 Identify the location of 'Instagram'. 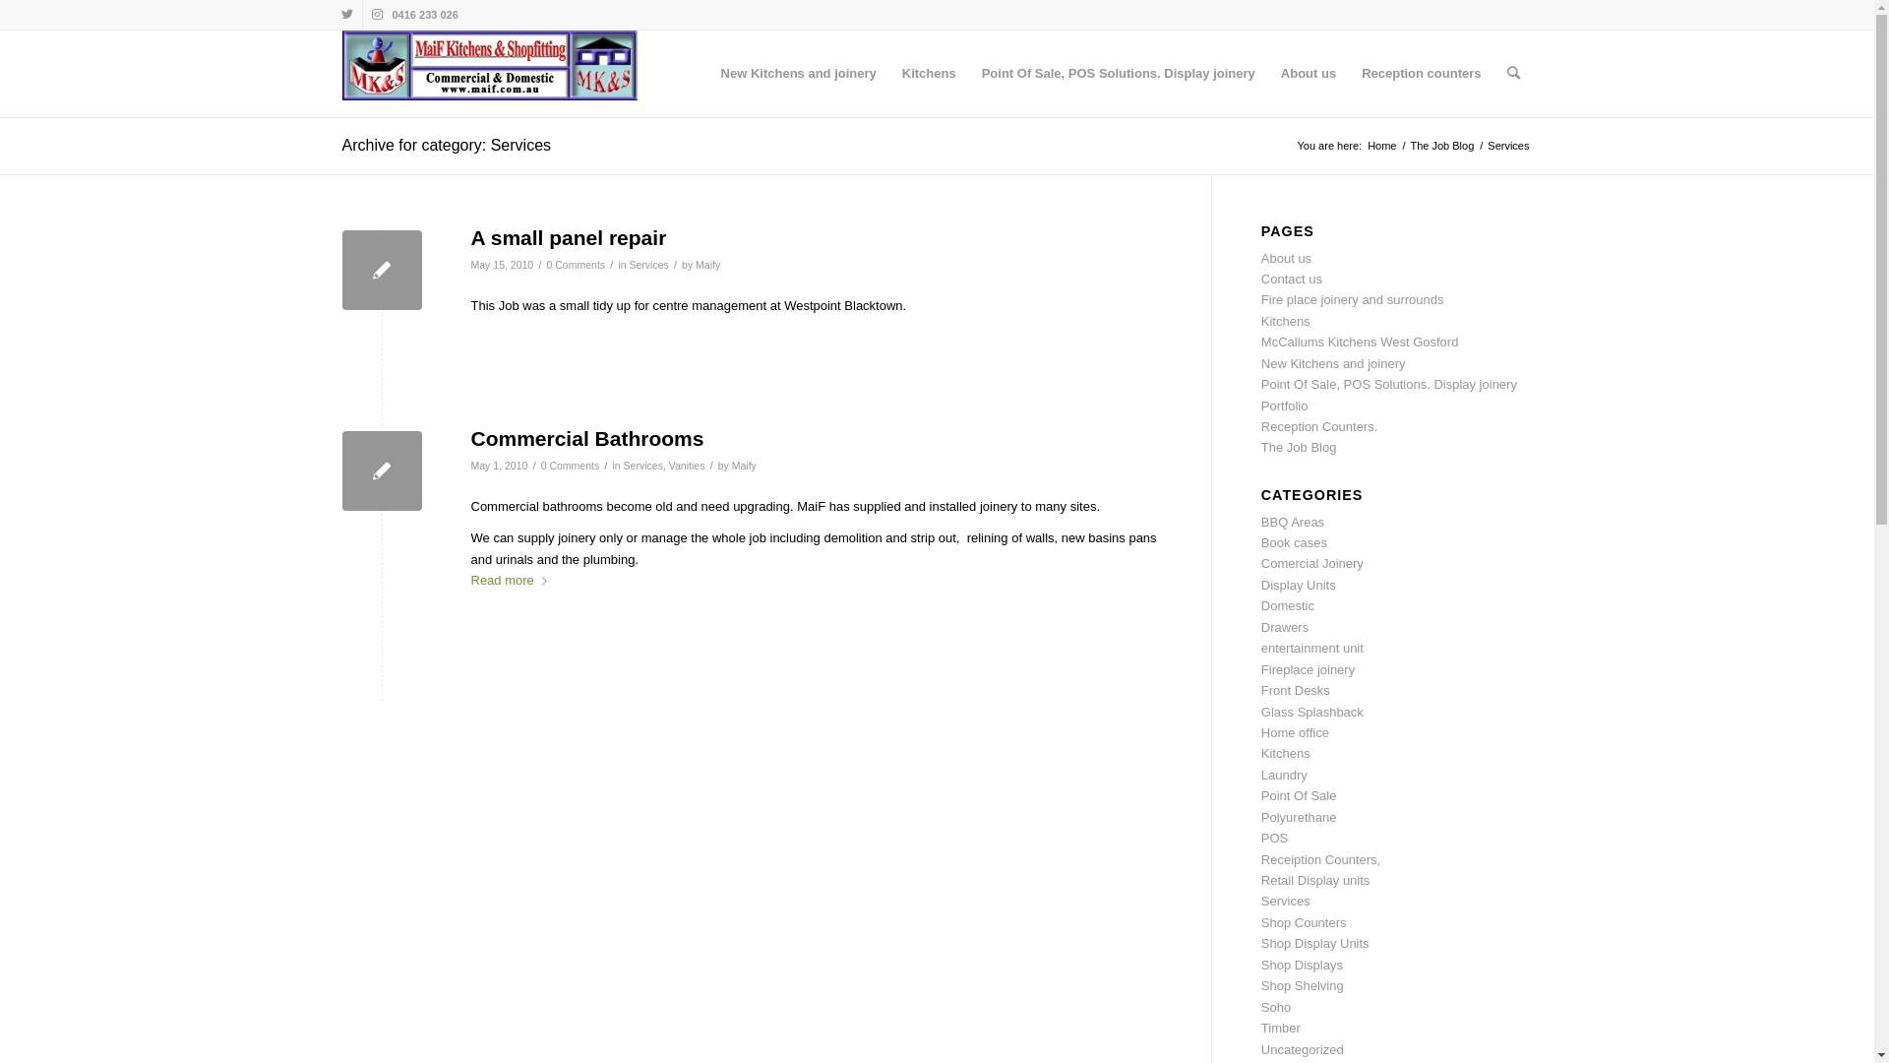
(377, 15).